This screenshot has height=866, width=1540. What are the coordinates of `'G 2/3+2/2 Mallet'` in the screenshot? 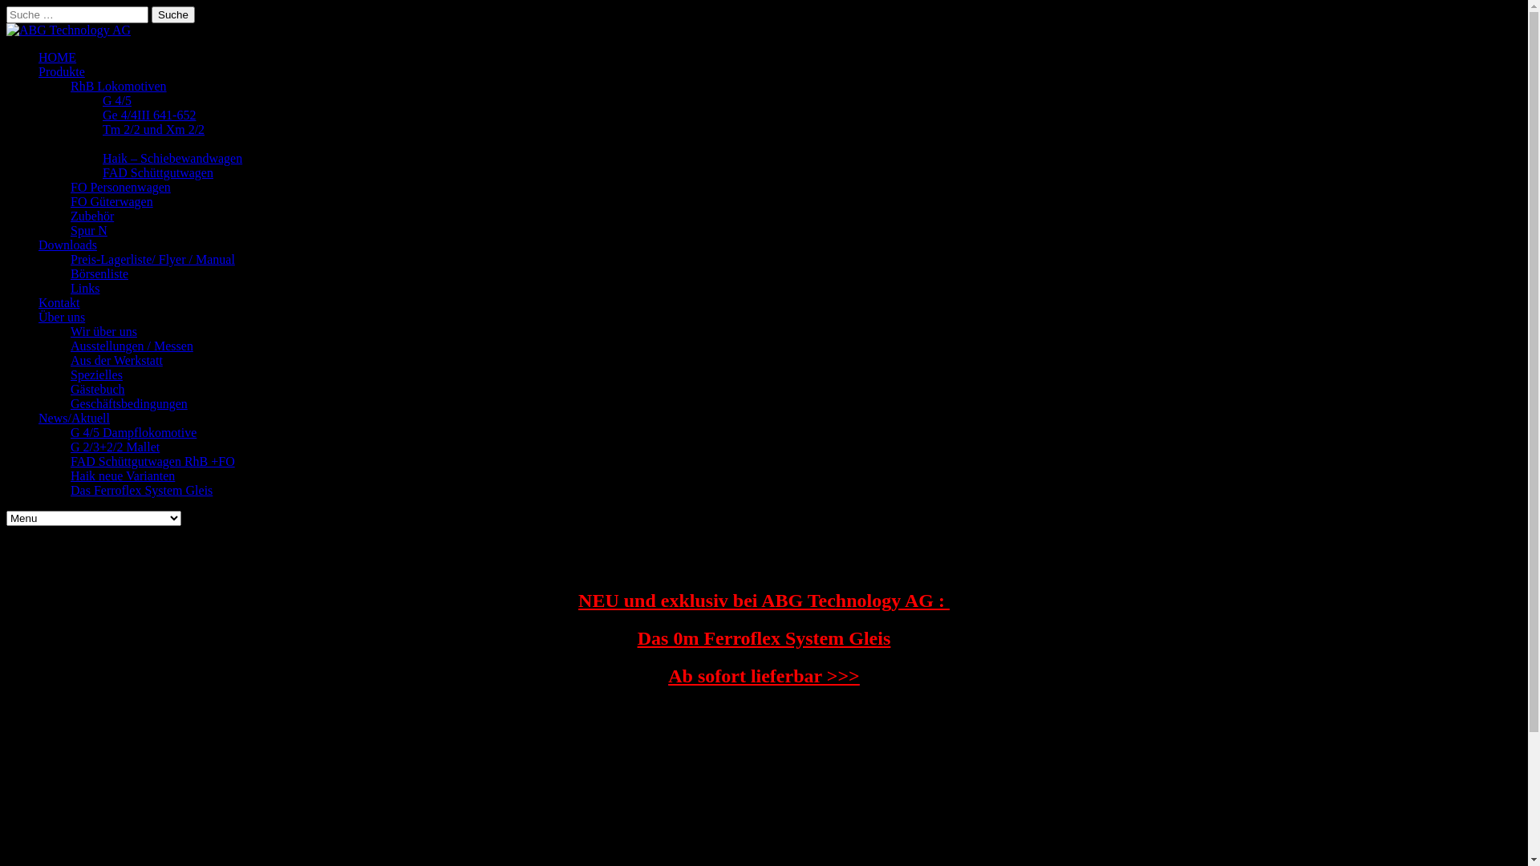 It's located at (114, 447).